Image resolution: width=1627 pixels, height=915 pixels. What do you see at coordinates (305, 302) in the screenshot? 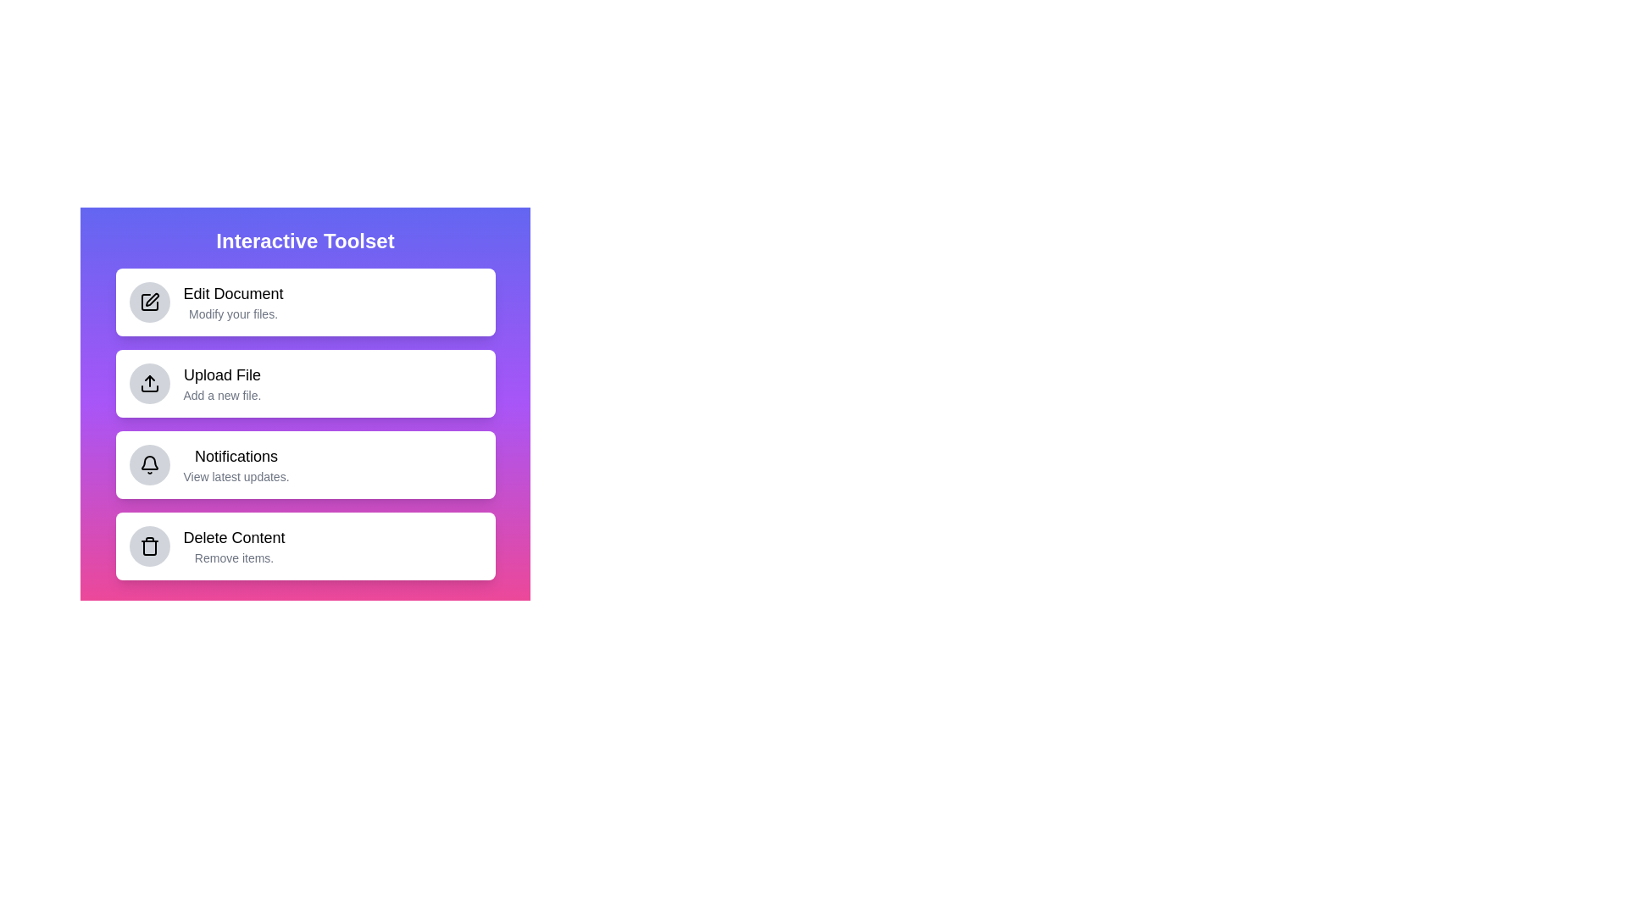
I see `the menu item labeled 'Edit Document' to trigger its animation effect` at bounding box center [305, 302].